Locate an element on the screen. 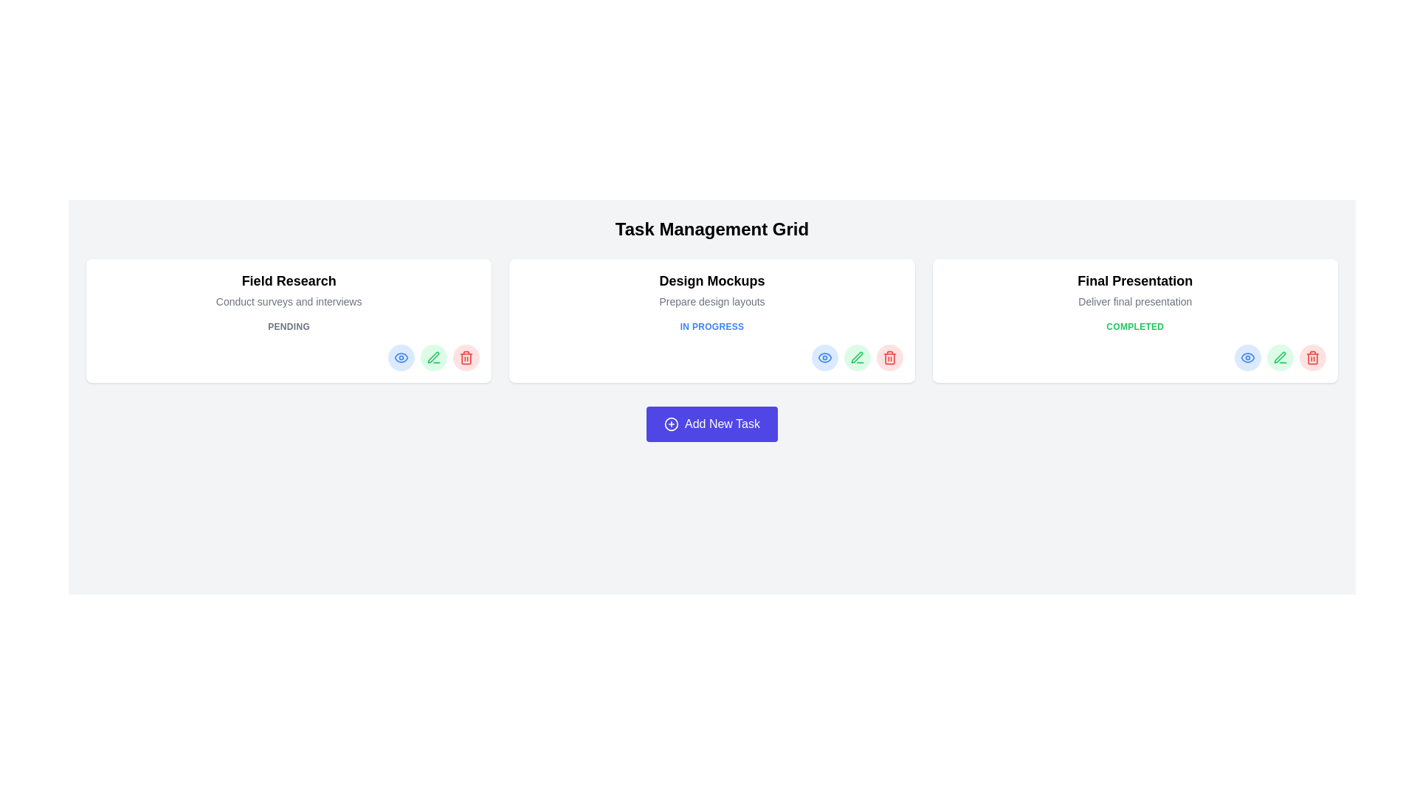  the text label providing information about the 'Field Research' task, which is located directly below the title 'Field Research' and above the task status indication is located at coordinates (289, 300).